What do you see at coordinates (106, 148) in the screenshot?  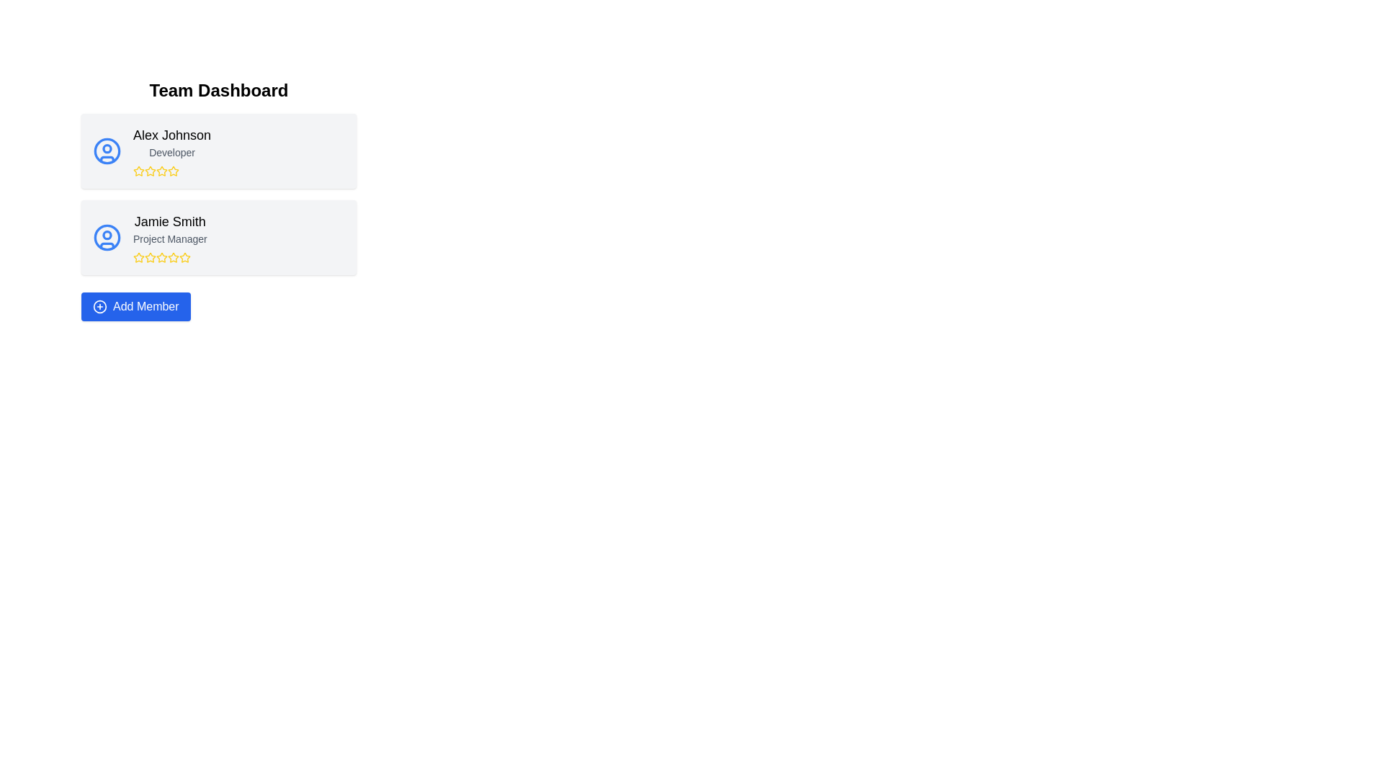 I see `the small circular shape within the SVG representation of Alex Johnson's user profile icon located in the top-left avatar on the team dashboard` at bounding box center [106, 148].